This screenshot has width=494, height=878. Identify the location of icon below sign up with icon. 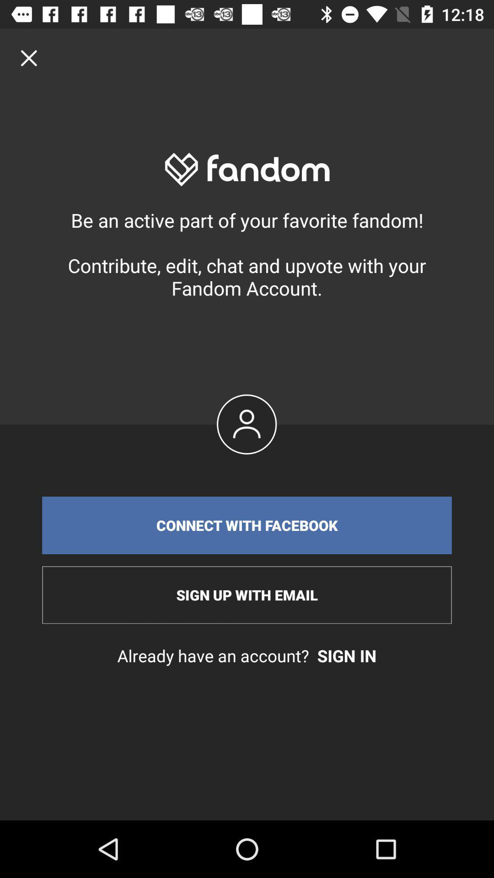
(247, 655).